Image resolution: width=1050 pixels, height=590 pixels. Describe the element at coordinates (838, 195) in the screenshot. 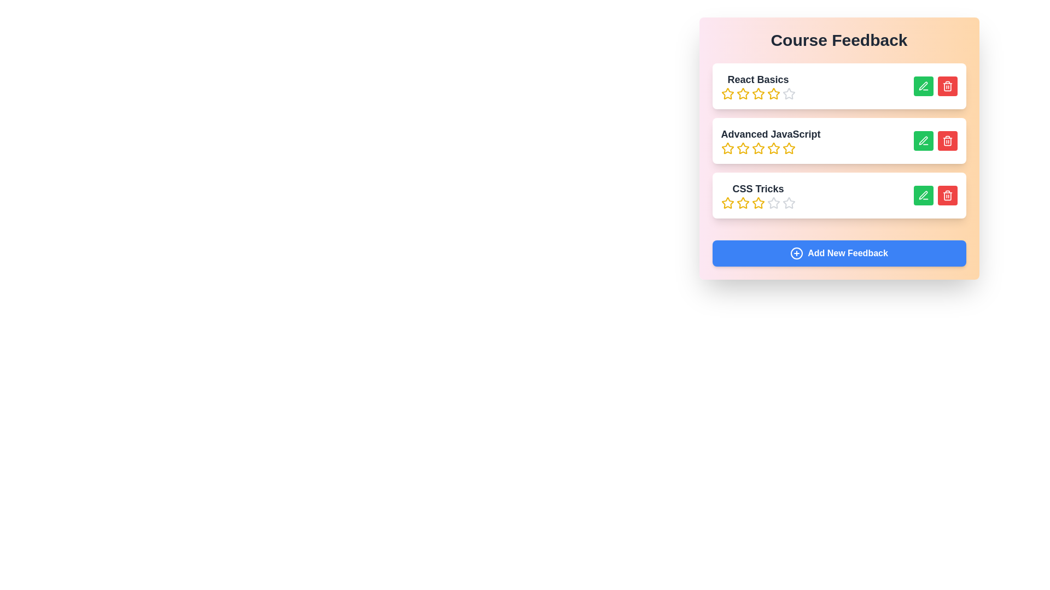

I see `the course item titled CSS Tricks to highlight it` at that location.